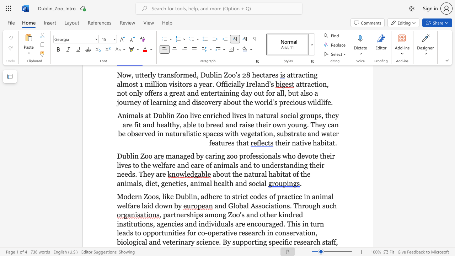  I want to click on the subset text "trict codes of practice in animal welfare laid down b" within the text "Modern Zoos, like Dublin, adhere to strict codes of practice in animal welfare laid down by", so click(235, 197).